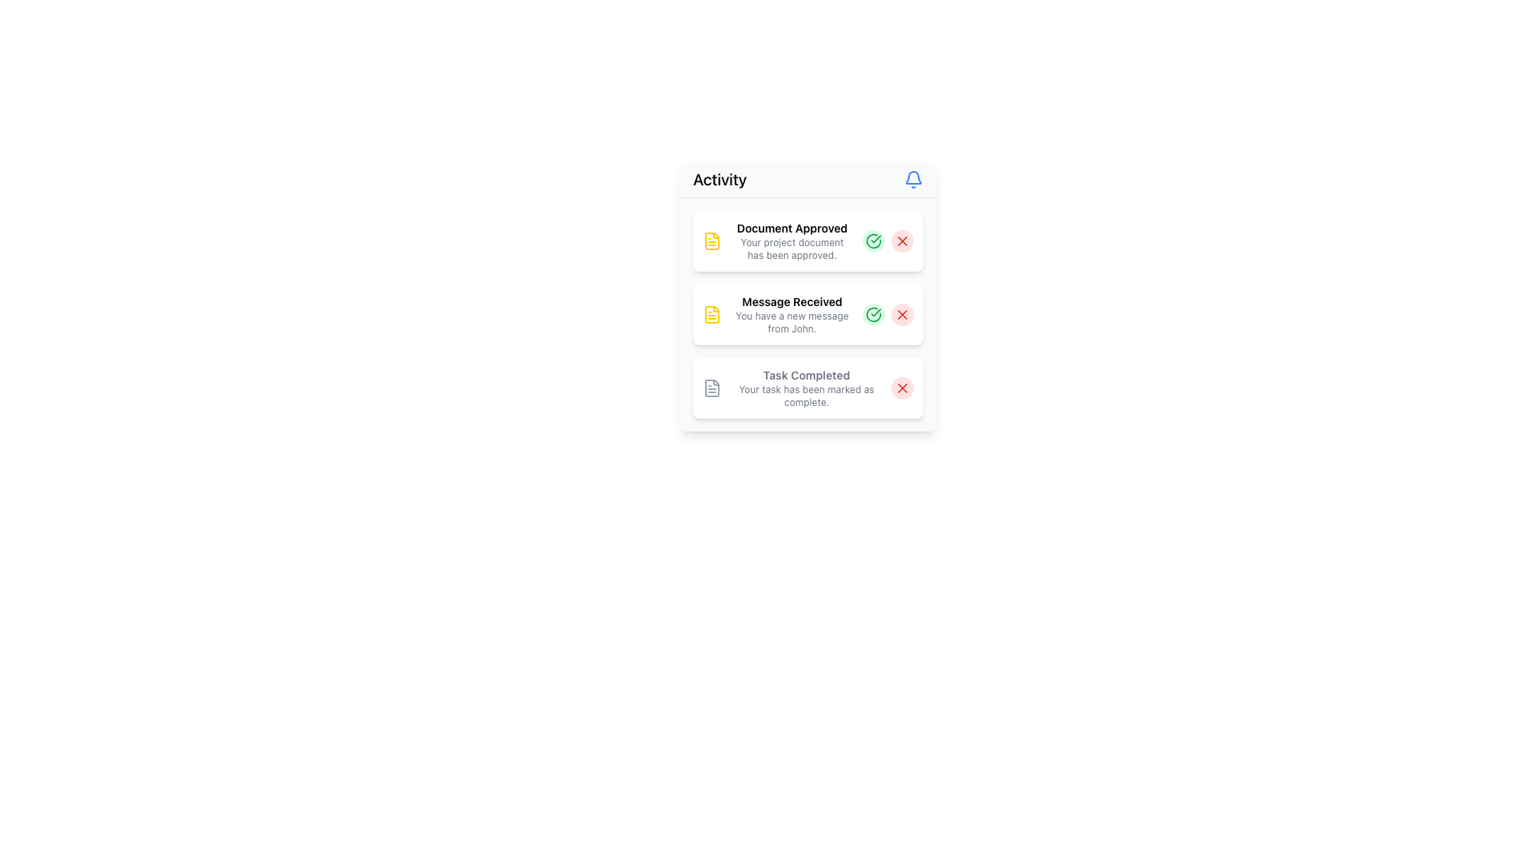 This screenshot has width=1535, height=863. I want to click on the notification text group that displays 'Document Approved' followed by 'Your project document has been approved.', so click(791, 241).